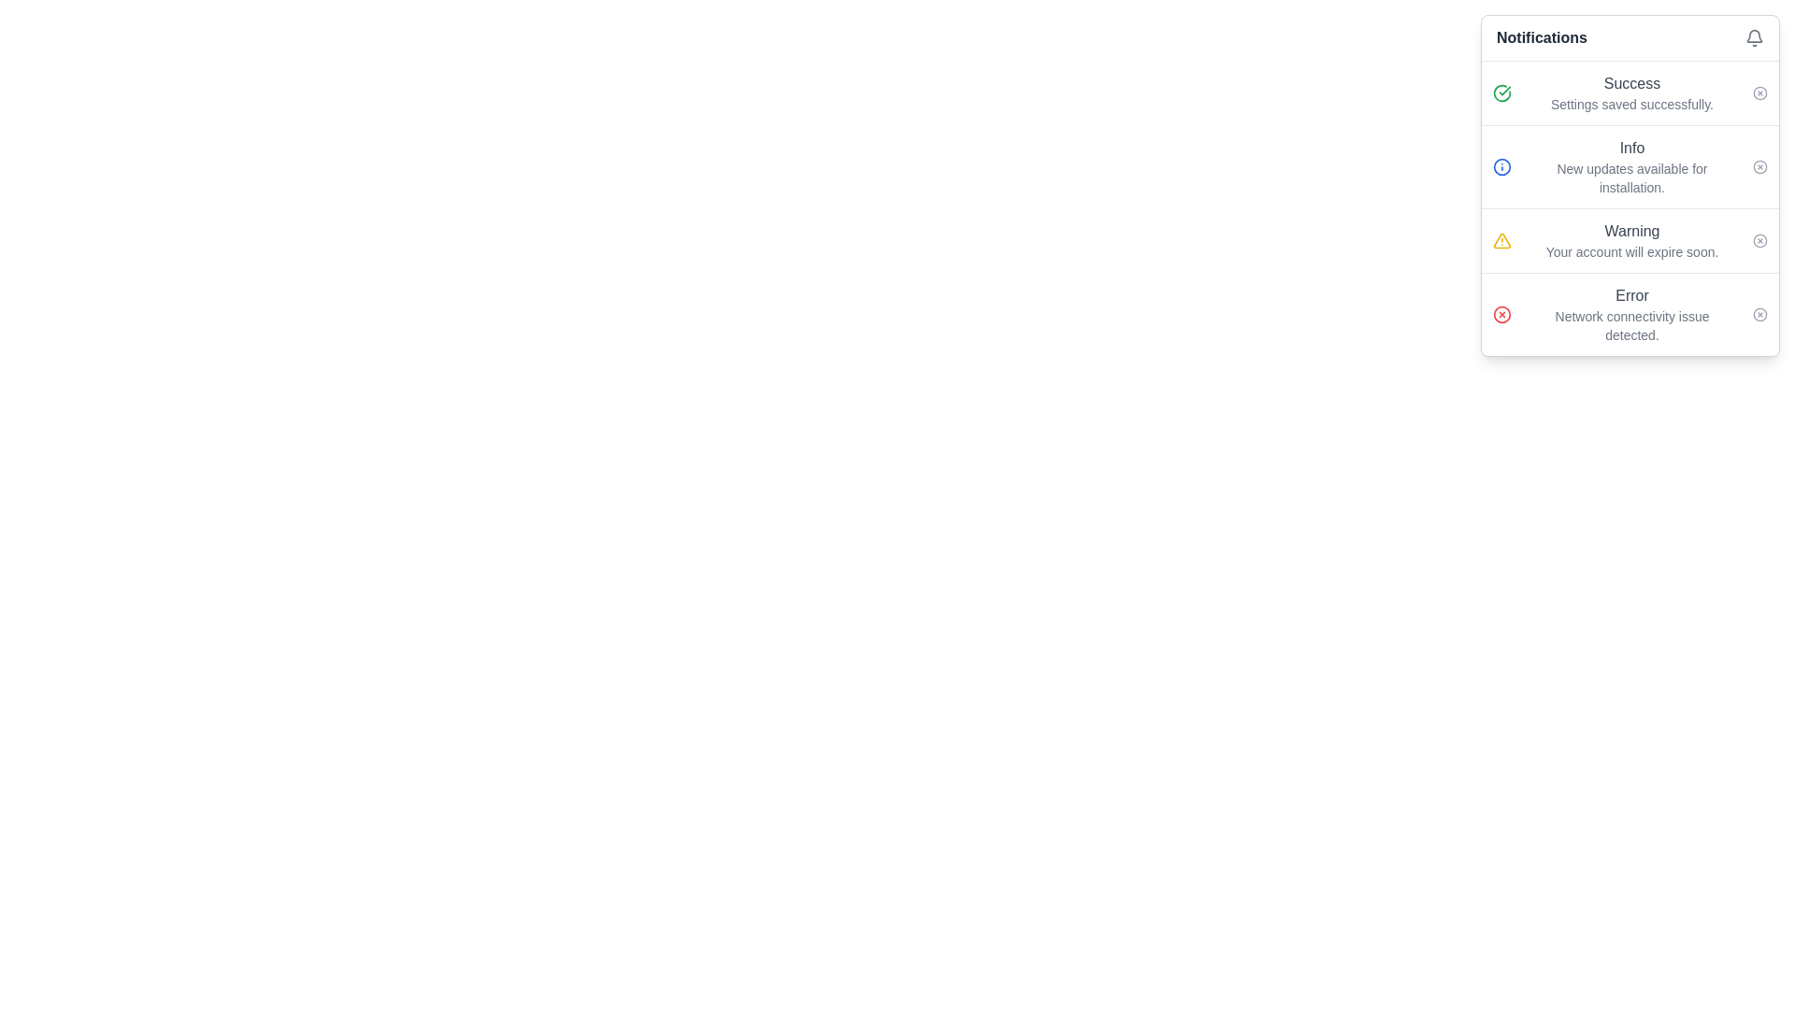 The height and width of the screenshot is (1009, 1795). Describe the element at coordinates (1759, 93) in the screenshot. I see `the SVG Circle Element that is part of a notification interface, located at the center of an icon within the notification panel` at that location.